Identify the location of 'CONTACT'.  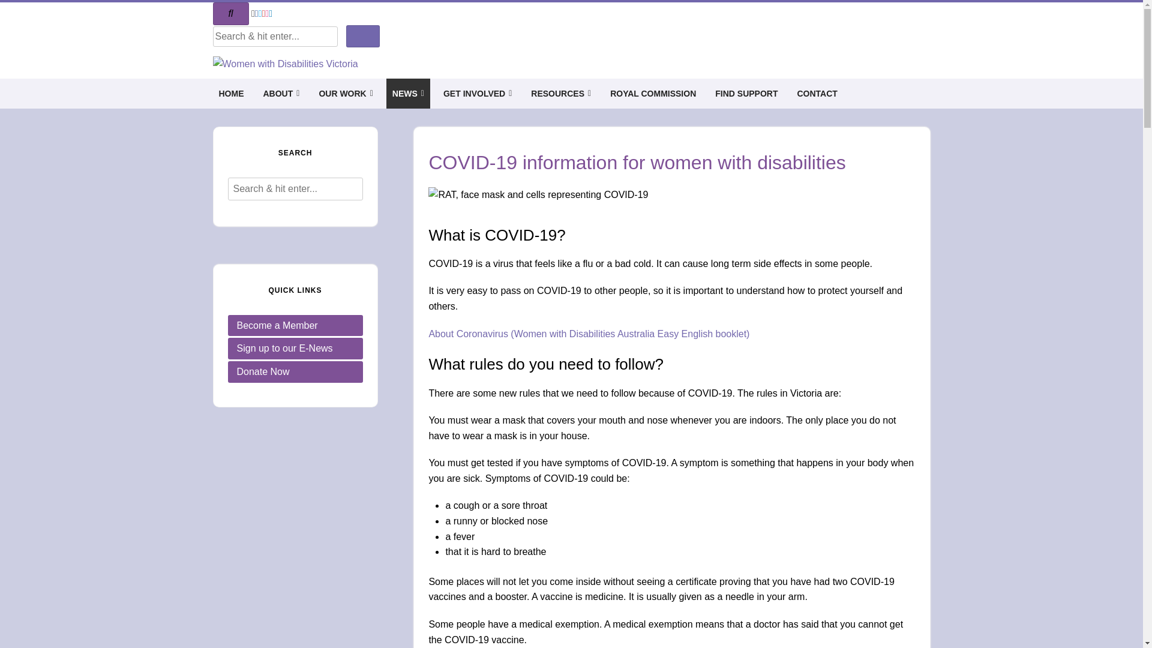
(816, 92).